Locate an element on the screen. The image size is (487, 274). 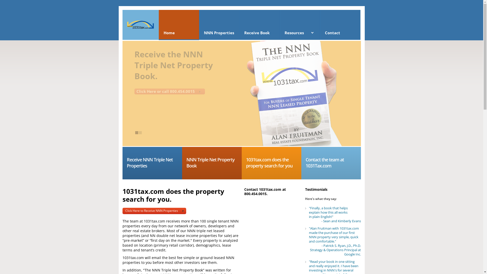
'Click Here to Receive NNN Properties' is located at coordinates (154, 211).